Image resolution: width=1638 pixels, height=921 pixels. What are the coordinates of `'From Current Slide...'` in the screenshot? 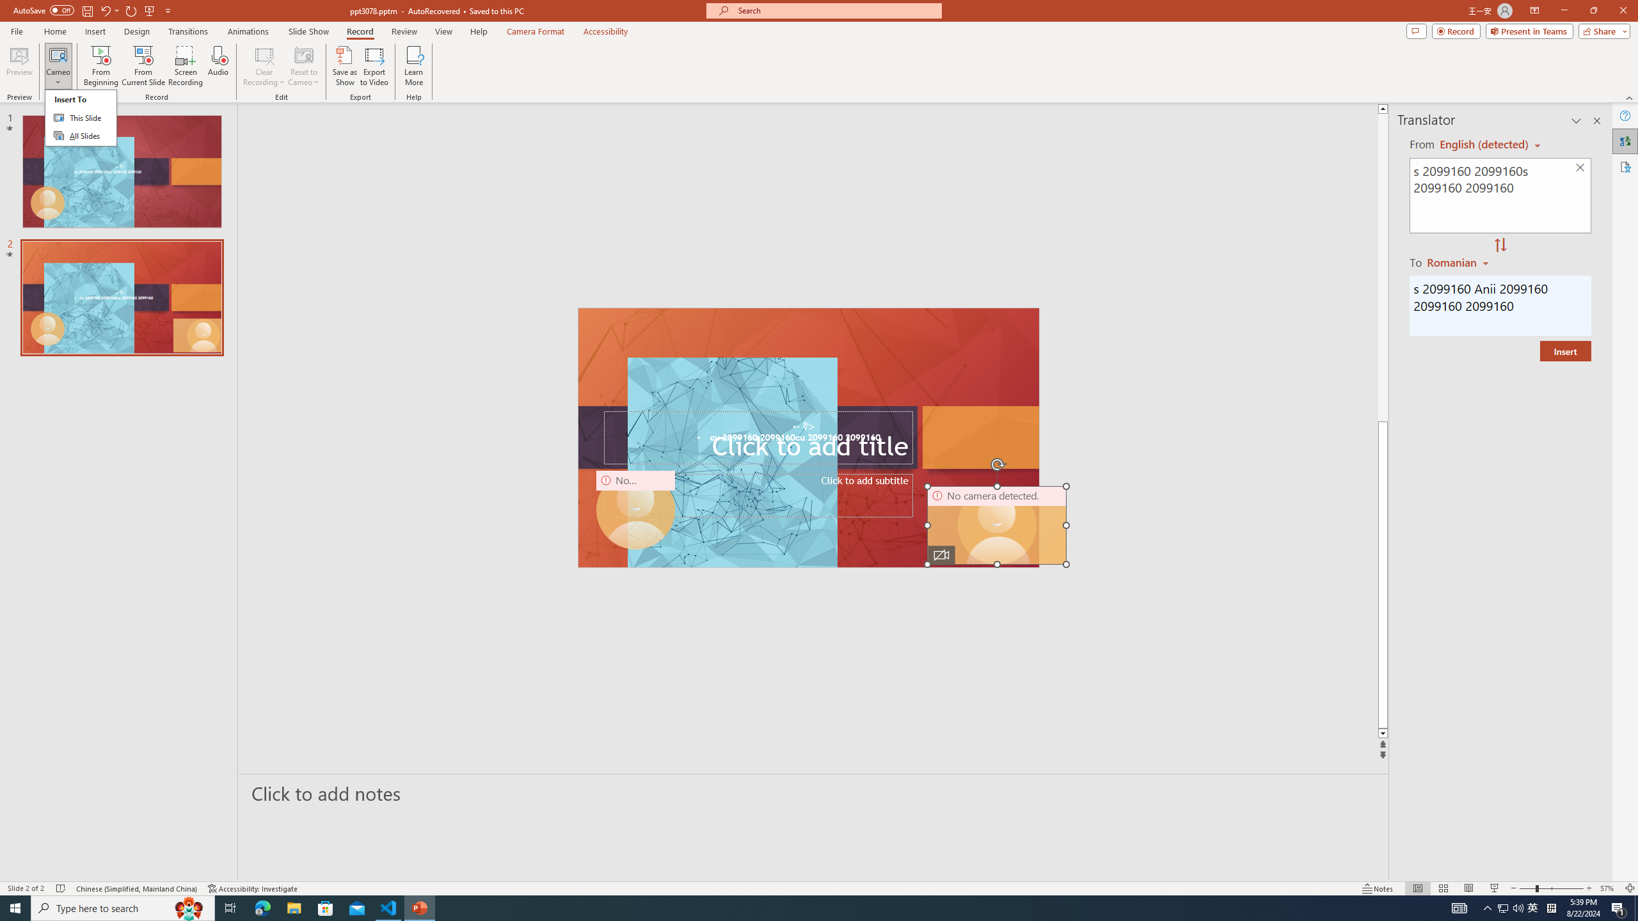 It's located at (143, 66).